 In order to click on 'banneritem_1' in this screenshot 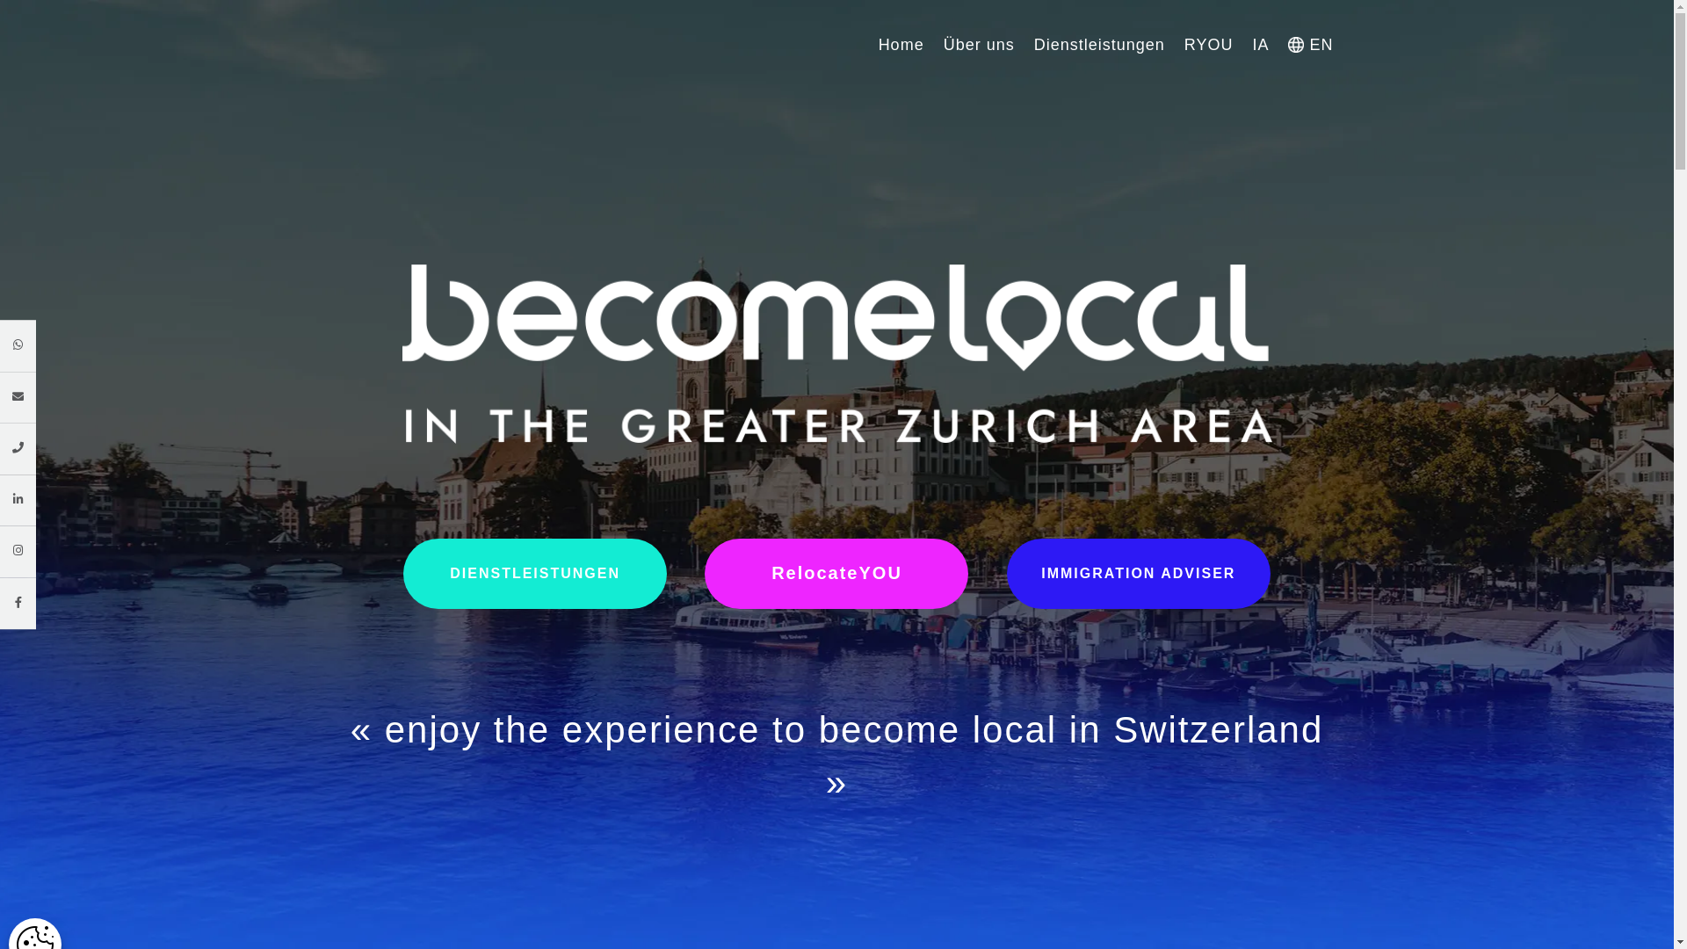, I will do `click(836, 353)`.